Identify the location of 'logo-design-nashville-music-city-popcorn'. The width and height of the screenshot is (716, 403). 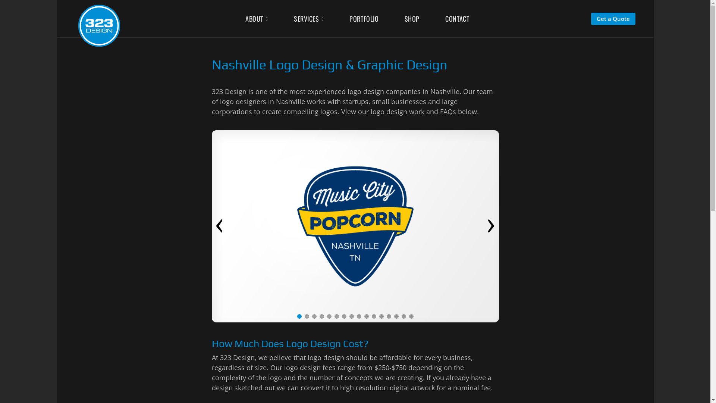
(355, 226).